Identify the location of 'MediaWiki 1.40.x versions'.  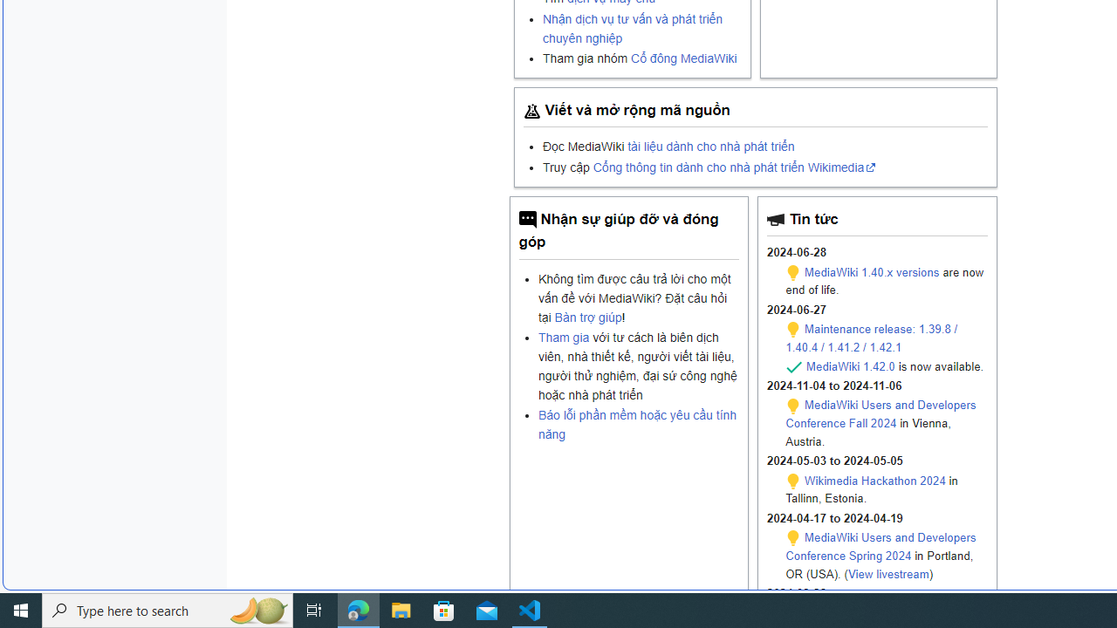
(872, 271).